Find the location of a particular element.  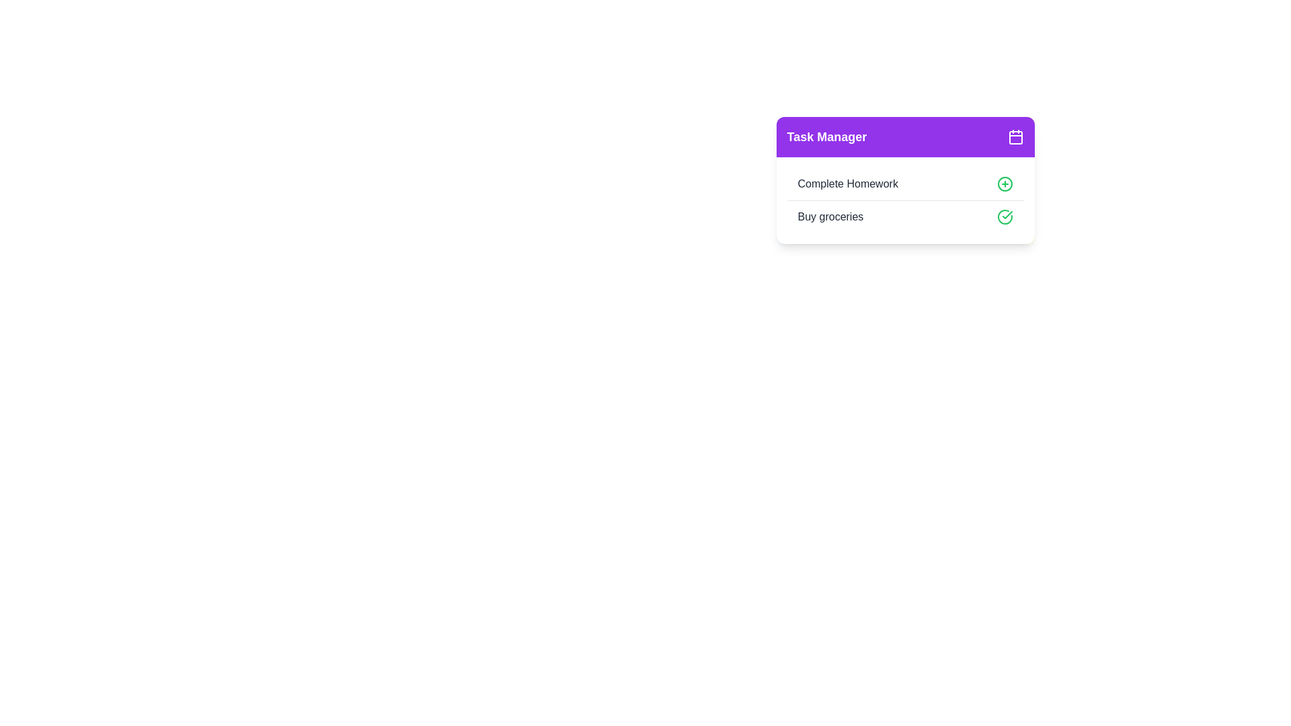

the green circular icon button with a plus sign located to the right of the 'Complete Homework' text in the task list is located at coordinates (1005, 184).